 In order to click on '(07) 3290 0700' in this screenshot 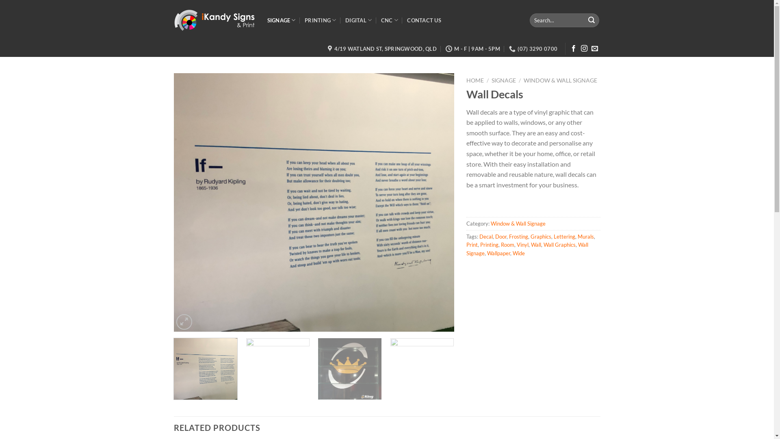, I will do `click(533, 48)`.